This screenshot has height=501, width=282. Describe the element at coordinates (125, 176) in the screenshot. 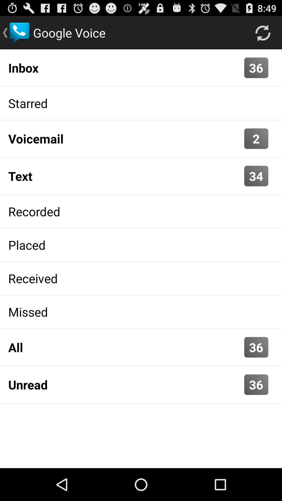

I see `the icon to the left of 34 item` at that location.